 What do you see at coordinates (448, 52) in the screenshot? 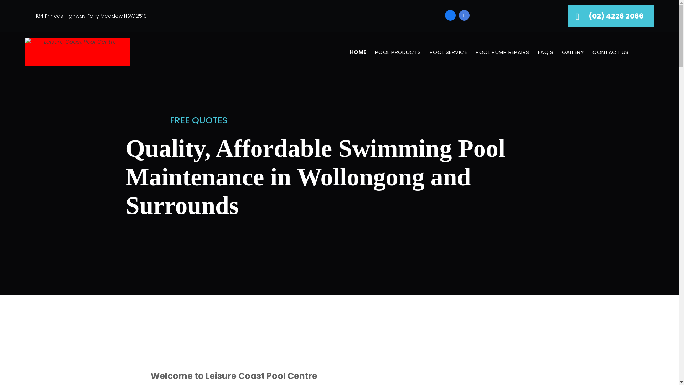
I see `'POOL SERVICE'` at bounding box center [448, 52].